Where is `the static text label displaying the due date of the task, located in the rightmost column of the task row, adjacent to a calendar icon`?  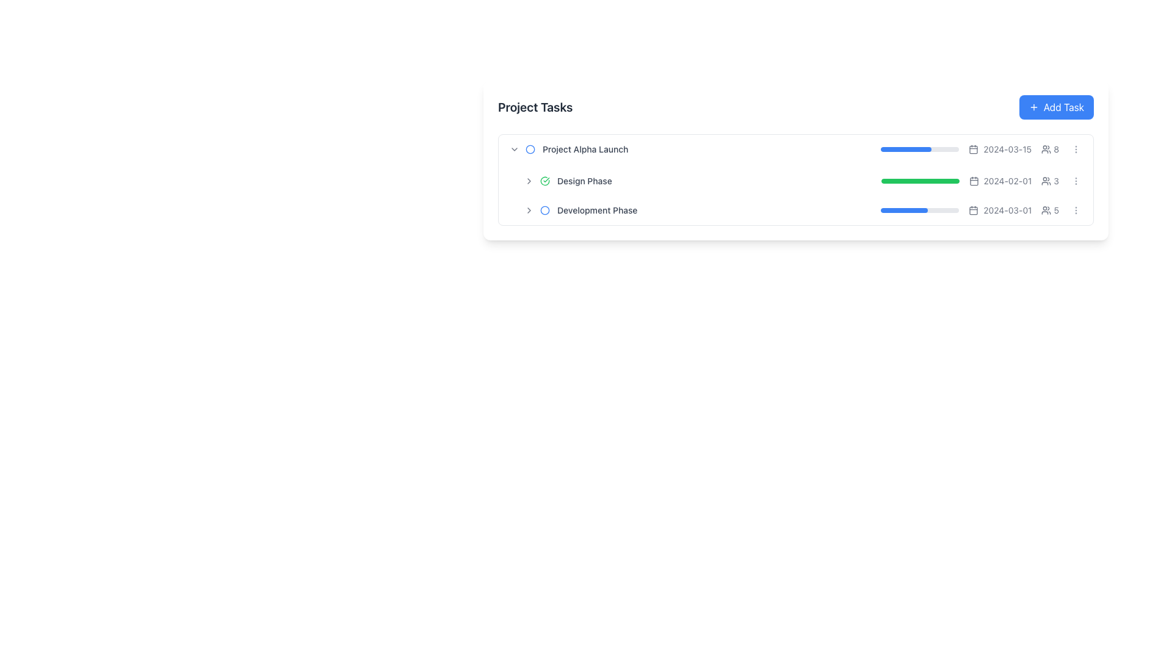
the static text label displaying the due date of the task, located in the rightmost column of the task row, adjacent to a calendar icon is located at coordinates (1007, 149).